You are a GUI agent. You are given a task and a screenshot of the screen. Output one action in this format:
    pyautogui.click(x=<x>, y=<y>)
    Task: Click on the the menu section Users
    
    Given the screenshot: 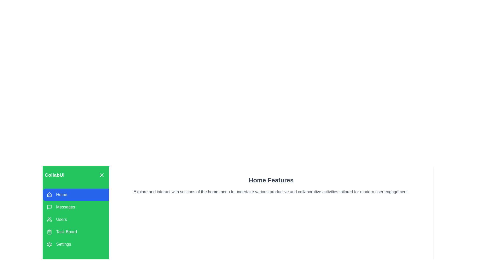 What is the action you would take?
    pyautogui.click(x=75, y=219)
    